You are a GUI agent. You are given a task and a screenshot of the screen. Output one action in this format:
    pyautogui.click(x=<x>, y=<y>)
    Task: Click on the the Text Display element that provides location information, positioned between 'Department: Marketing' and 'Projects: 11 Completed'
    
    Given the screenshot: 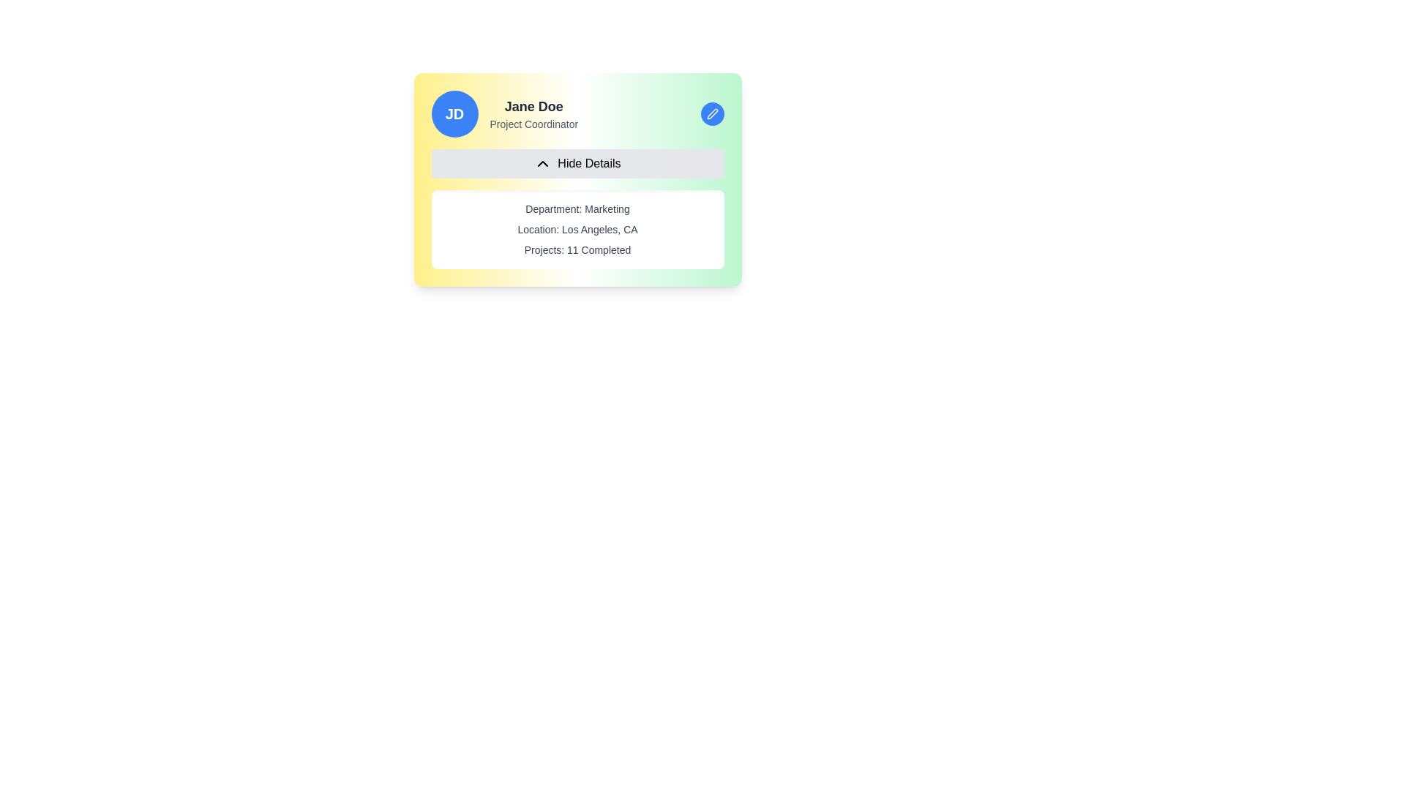 What is the action you would take?
    pyautogui.click(x=577, y=229)
    